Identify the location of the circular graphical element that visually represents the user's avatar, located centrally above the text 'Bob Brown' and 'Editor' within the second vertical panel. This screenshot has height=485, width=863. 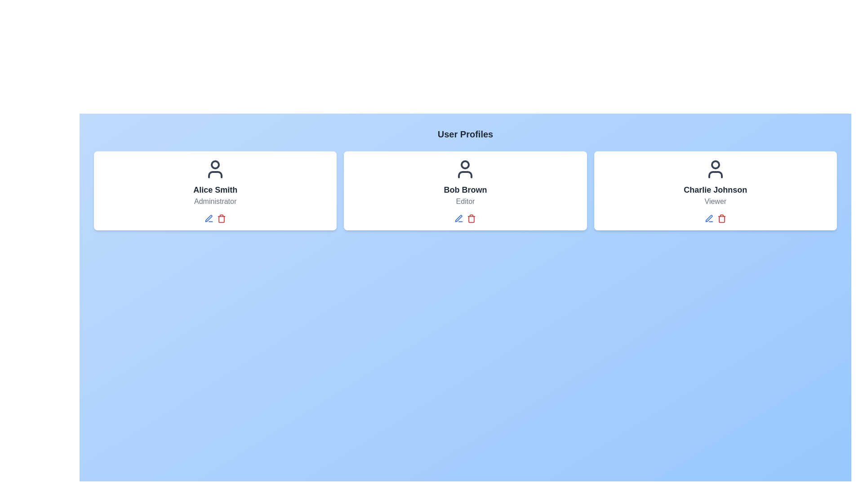
(465, 164).